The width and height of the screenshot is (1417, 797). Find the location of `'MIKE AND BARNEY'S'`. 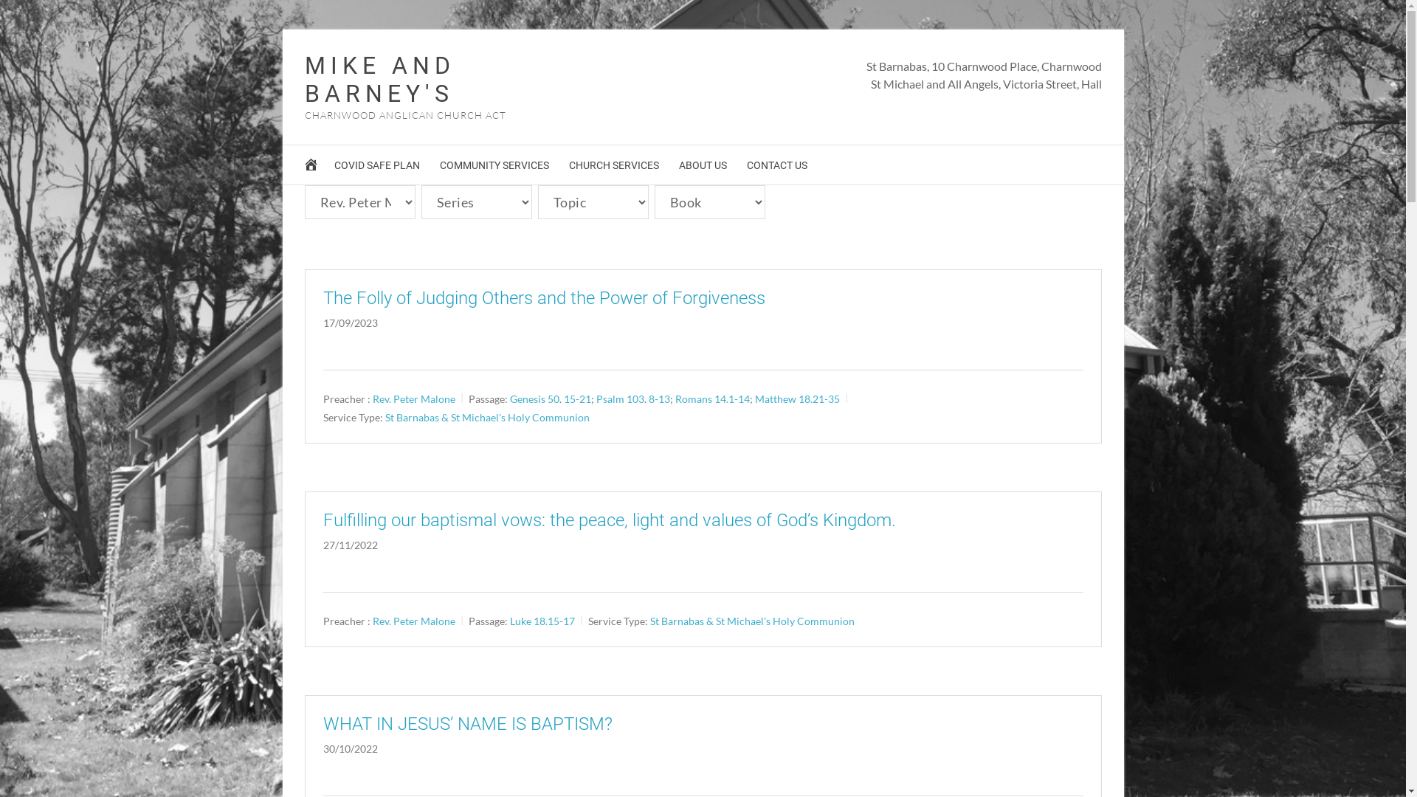

'MIKE AND BARNEY'S' is located at coordinates (379, 80).